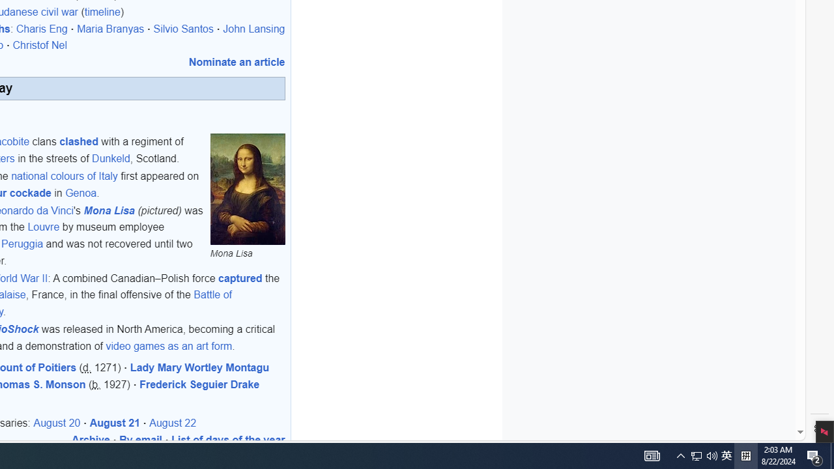 This screenshot has height=469, width=834. Describe the element at coordinates (141, 440) in the screenshot. I see `'By email'` at that location.